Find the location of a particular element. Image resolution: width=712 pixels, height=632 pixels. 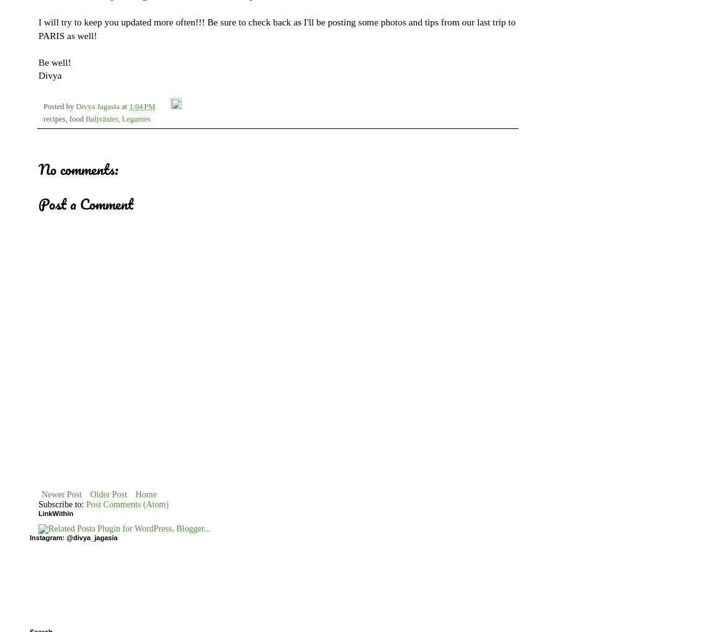

'1:04 PM' is located at coordinates (129, 105).